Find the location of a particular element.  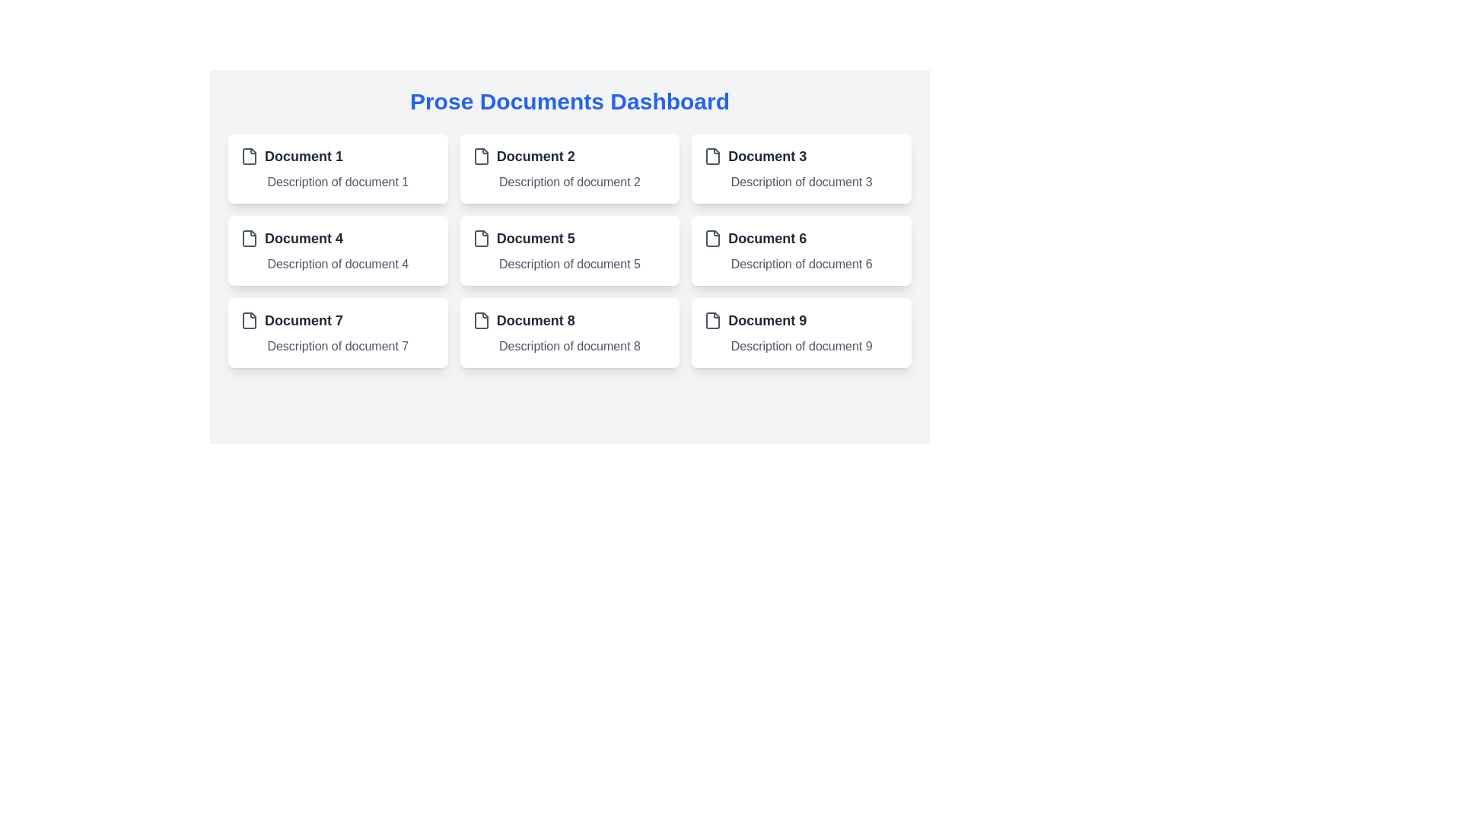

title text 'Document 1' displayed in bold within the first card of the grid layout is located at coordinates (304, 156).